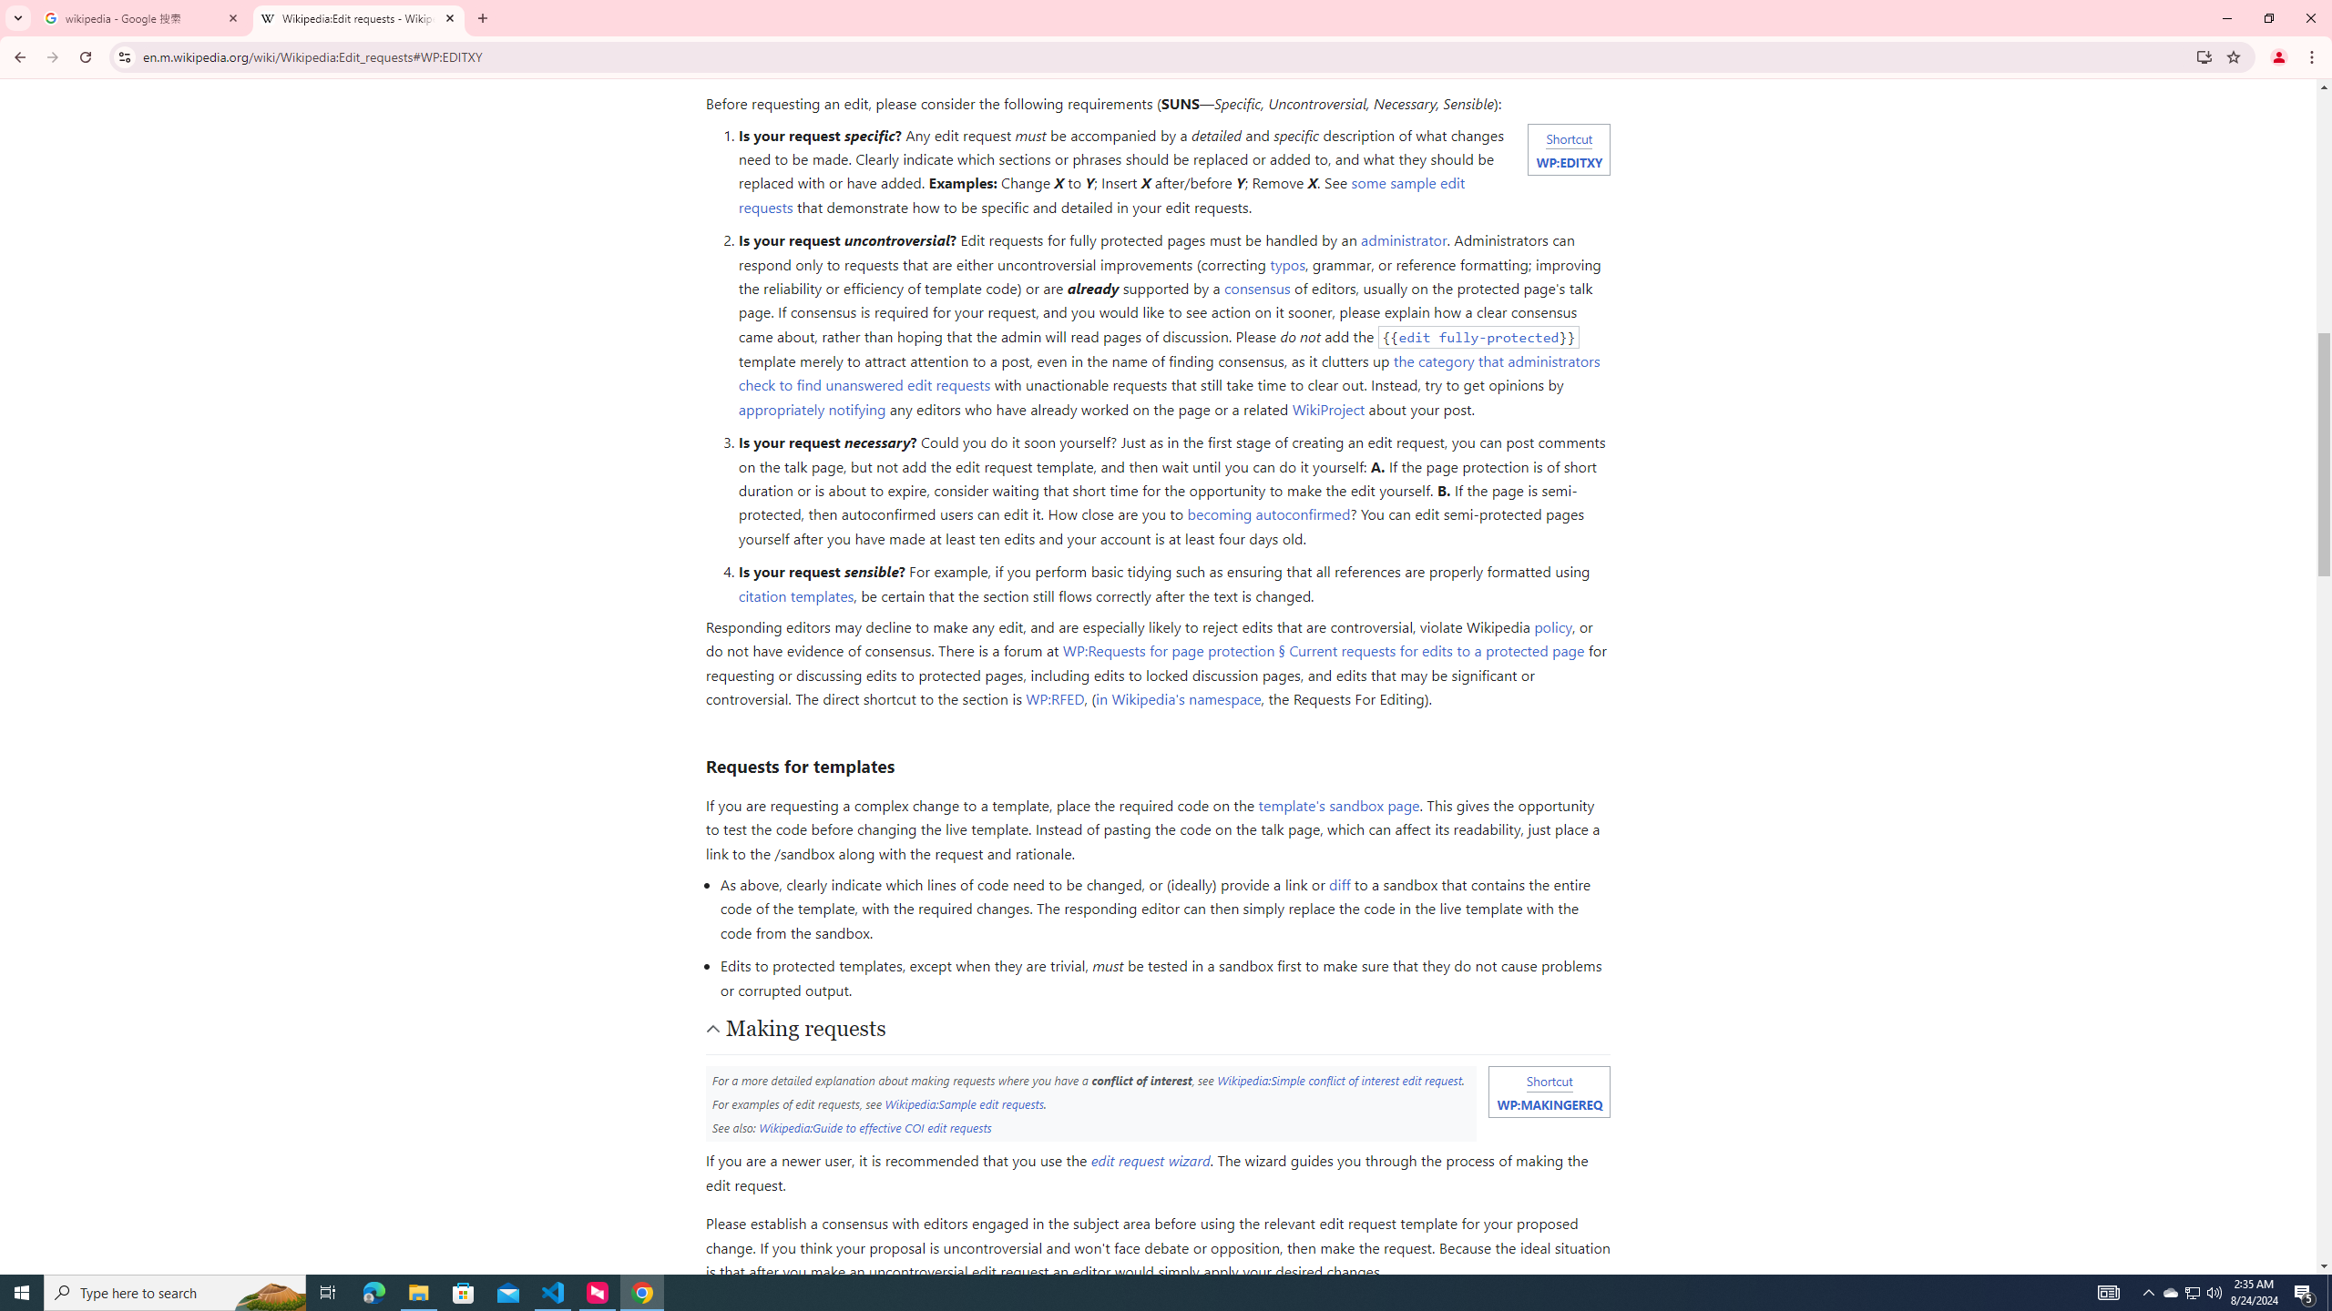 The image size is (2332, 1311). Describe the element at coordinates (1267, 513) in the screenshot. I see `'becoming autoconfirmed'` at that location.